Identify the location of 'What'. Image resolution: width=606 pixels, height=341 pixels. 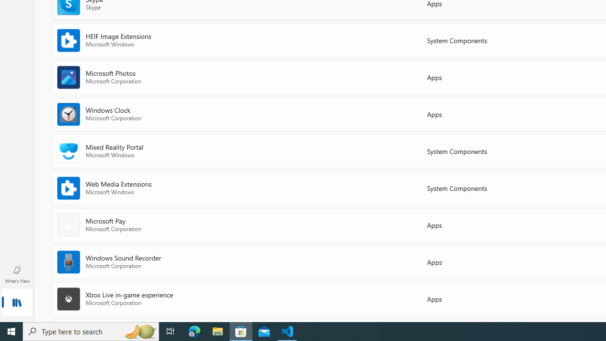
(17, 274).